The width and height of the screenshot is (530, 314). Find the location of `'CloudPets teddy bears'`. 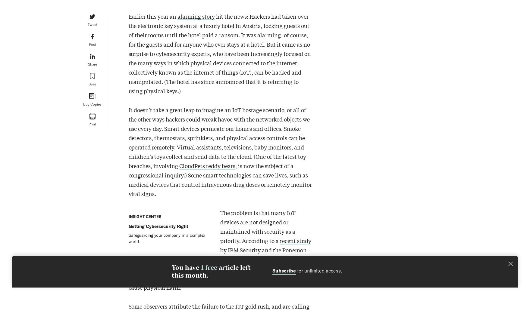

'CloudPets teddy bears' is located at coordinates (207, 165).